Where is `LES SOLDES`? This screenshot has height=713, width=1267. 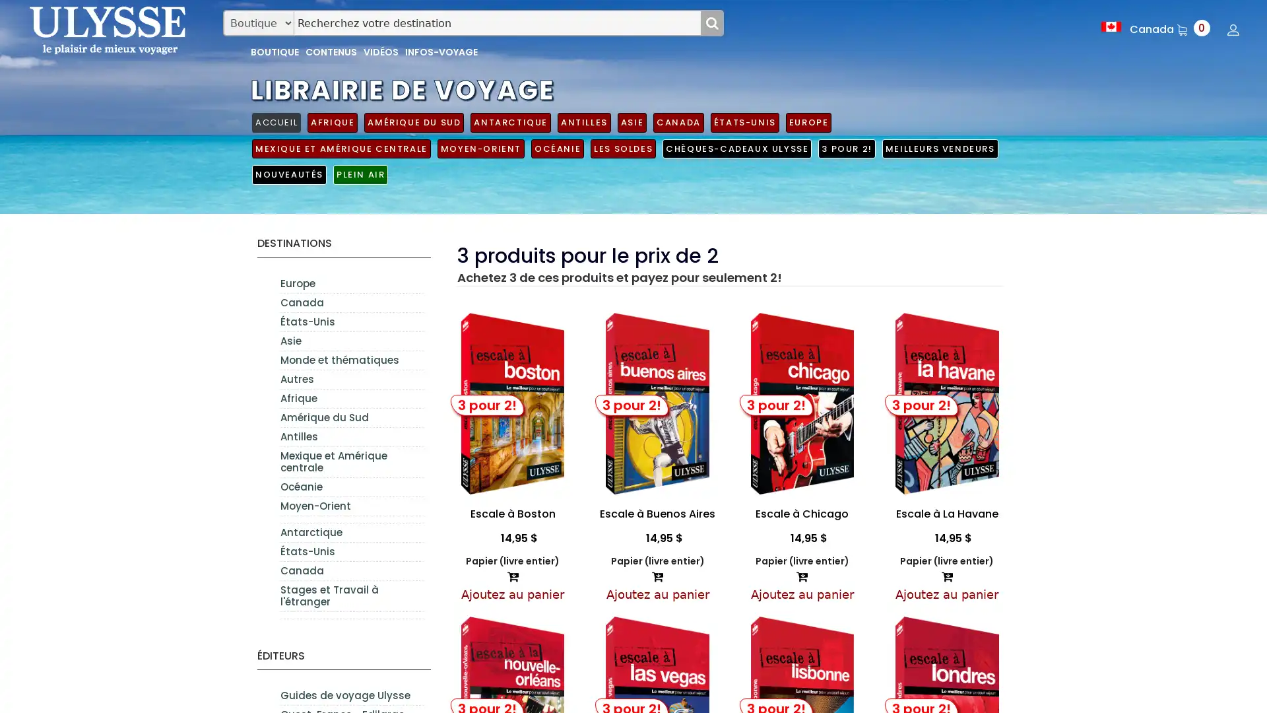 LES SOLDES is located at coordinates (622, 148).